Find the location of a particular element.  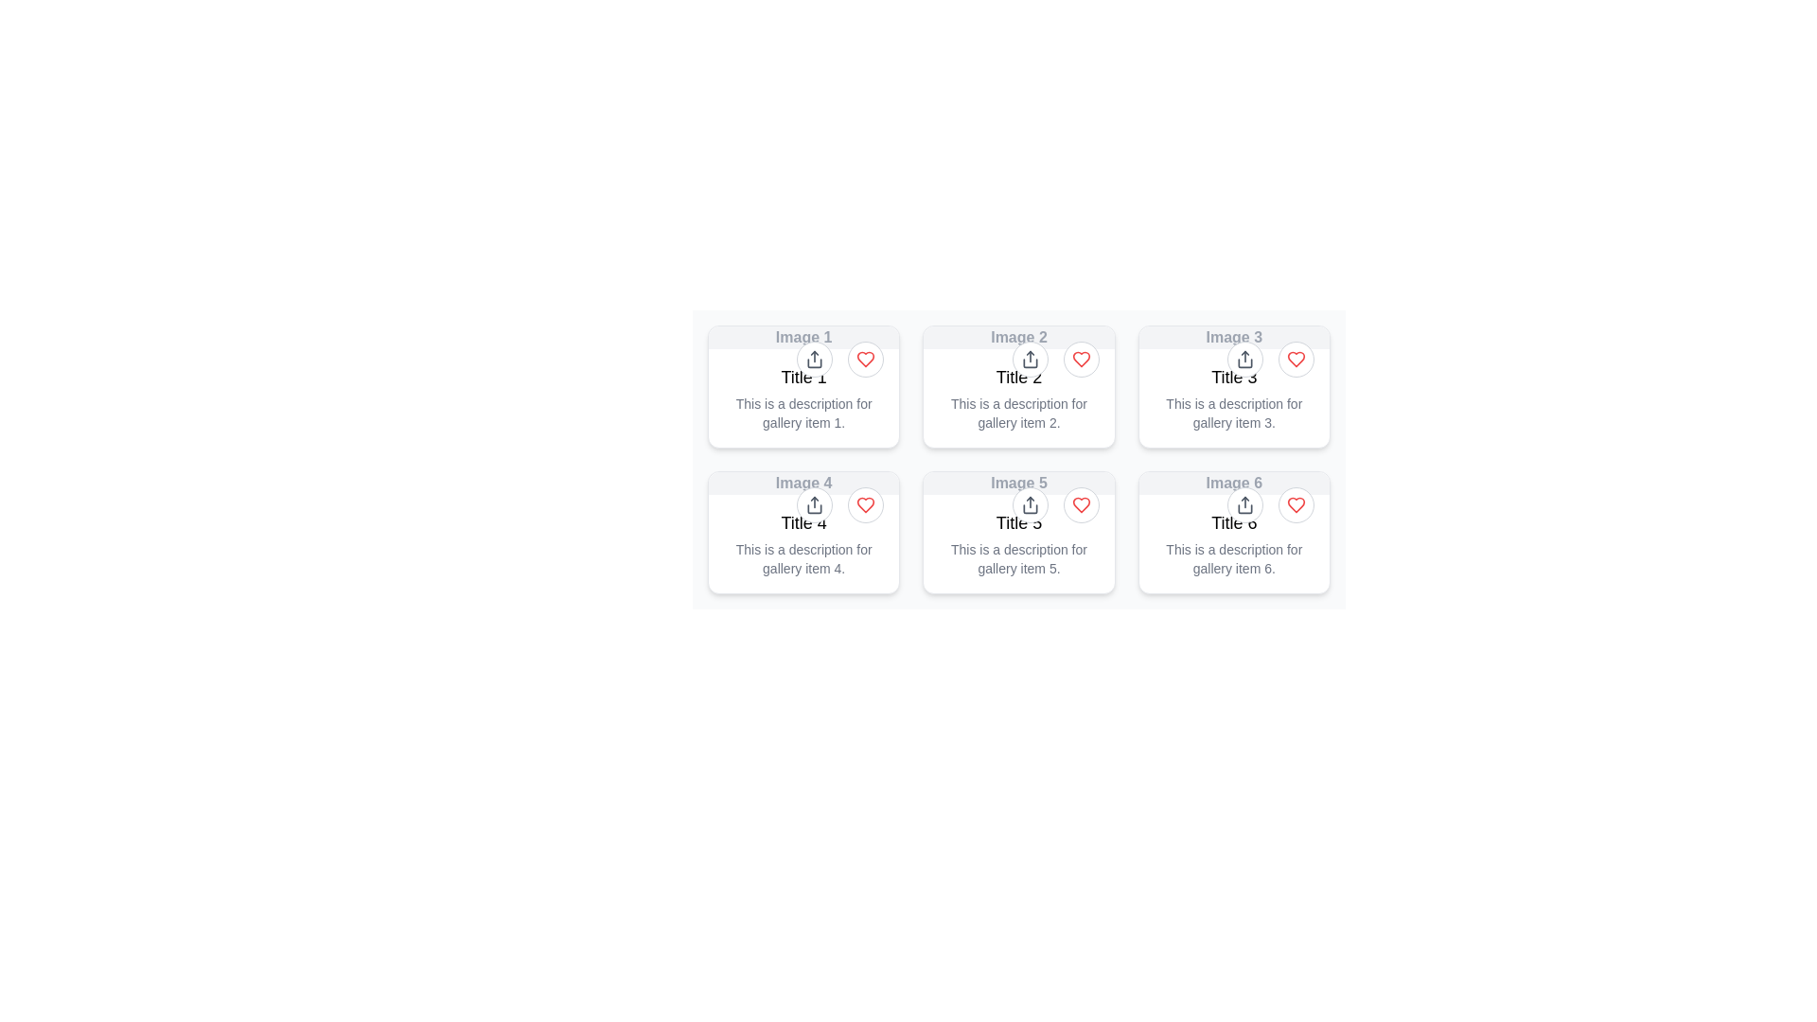

the share button located at the top-right corner inside the card of the grid item titled 'Title 3' is located at coordinates (1271, 360).